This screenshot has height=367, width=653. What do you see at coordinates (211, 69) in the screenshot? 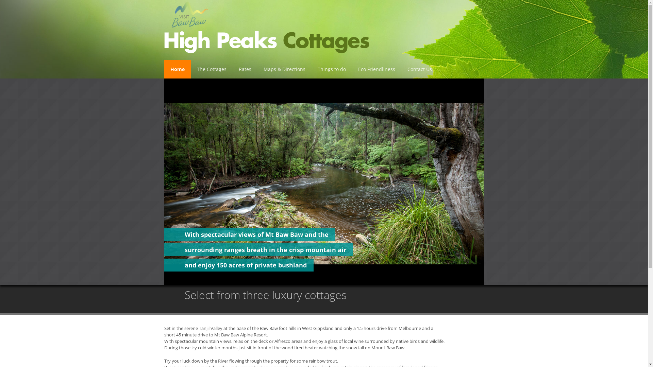
I see `'The Cottages'` at bounding box center [211, 69].